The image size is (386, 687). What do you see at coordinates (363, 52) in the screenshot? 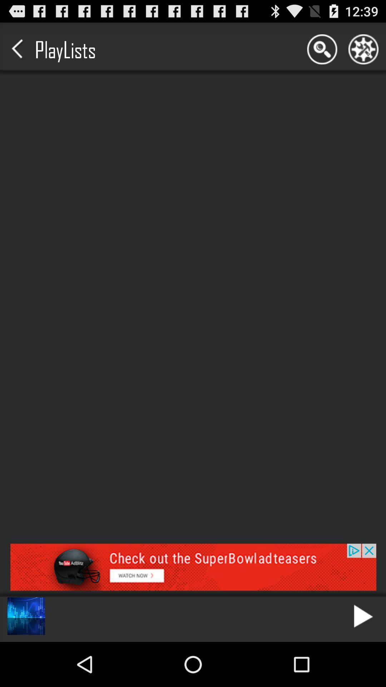
I see `the build icon` at bounding box center [363, 52].